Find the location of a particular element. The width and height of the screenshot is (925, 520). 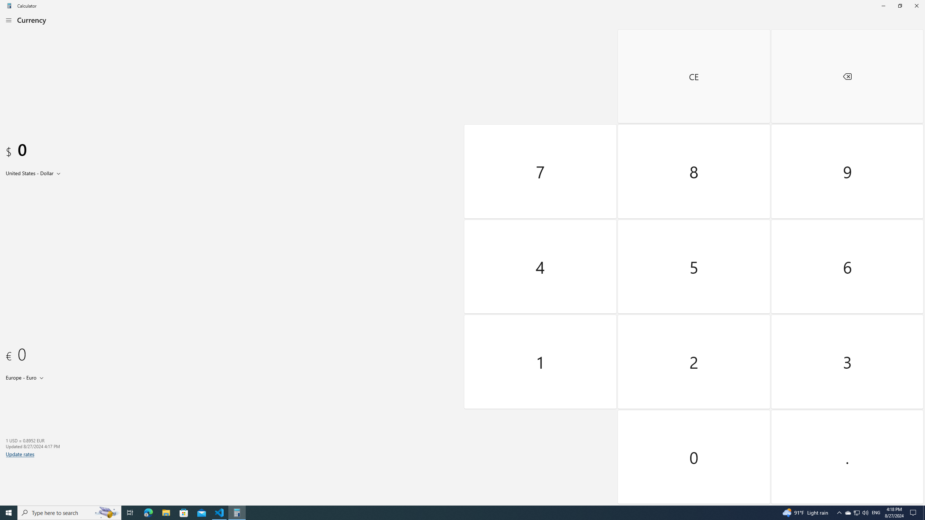

'Clear entry' is located at coordinates (694, 76).